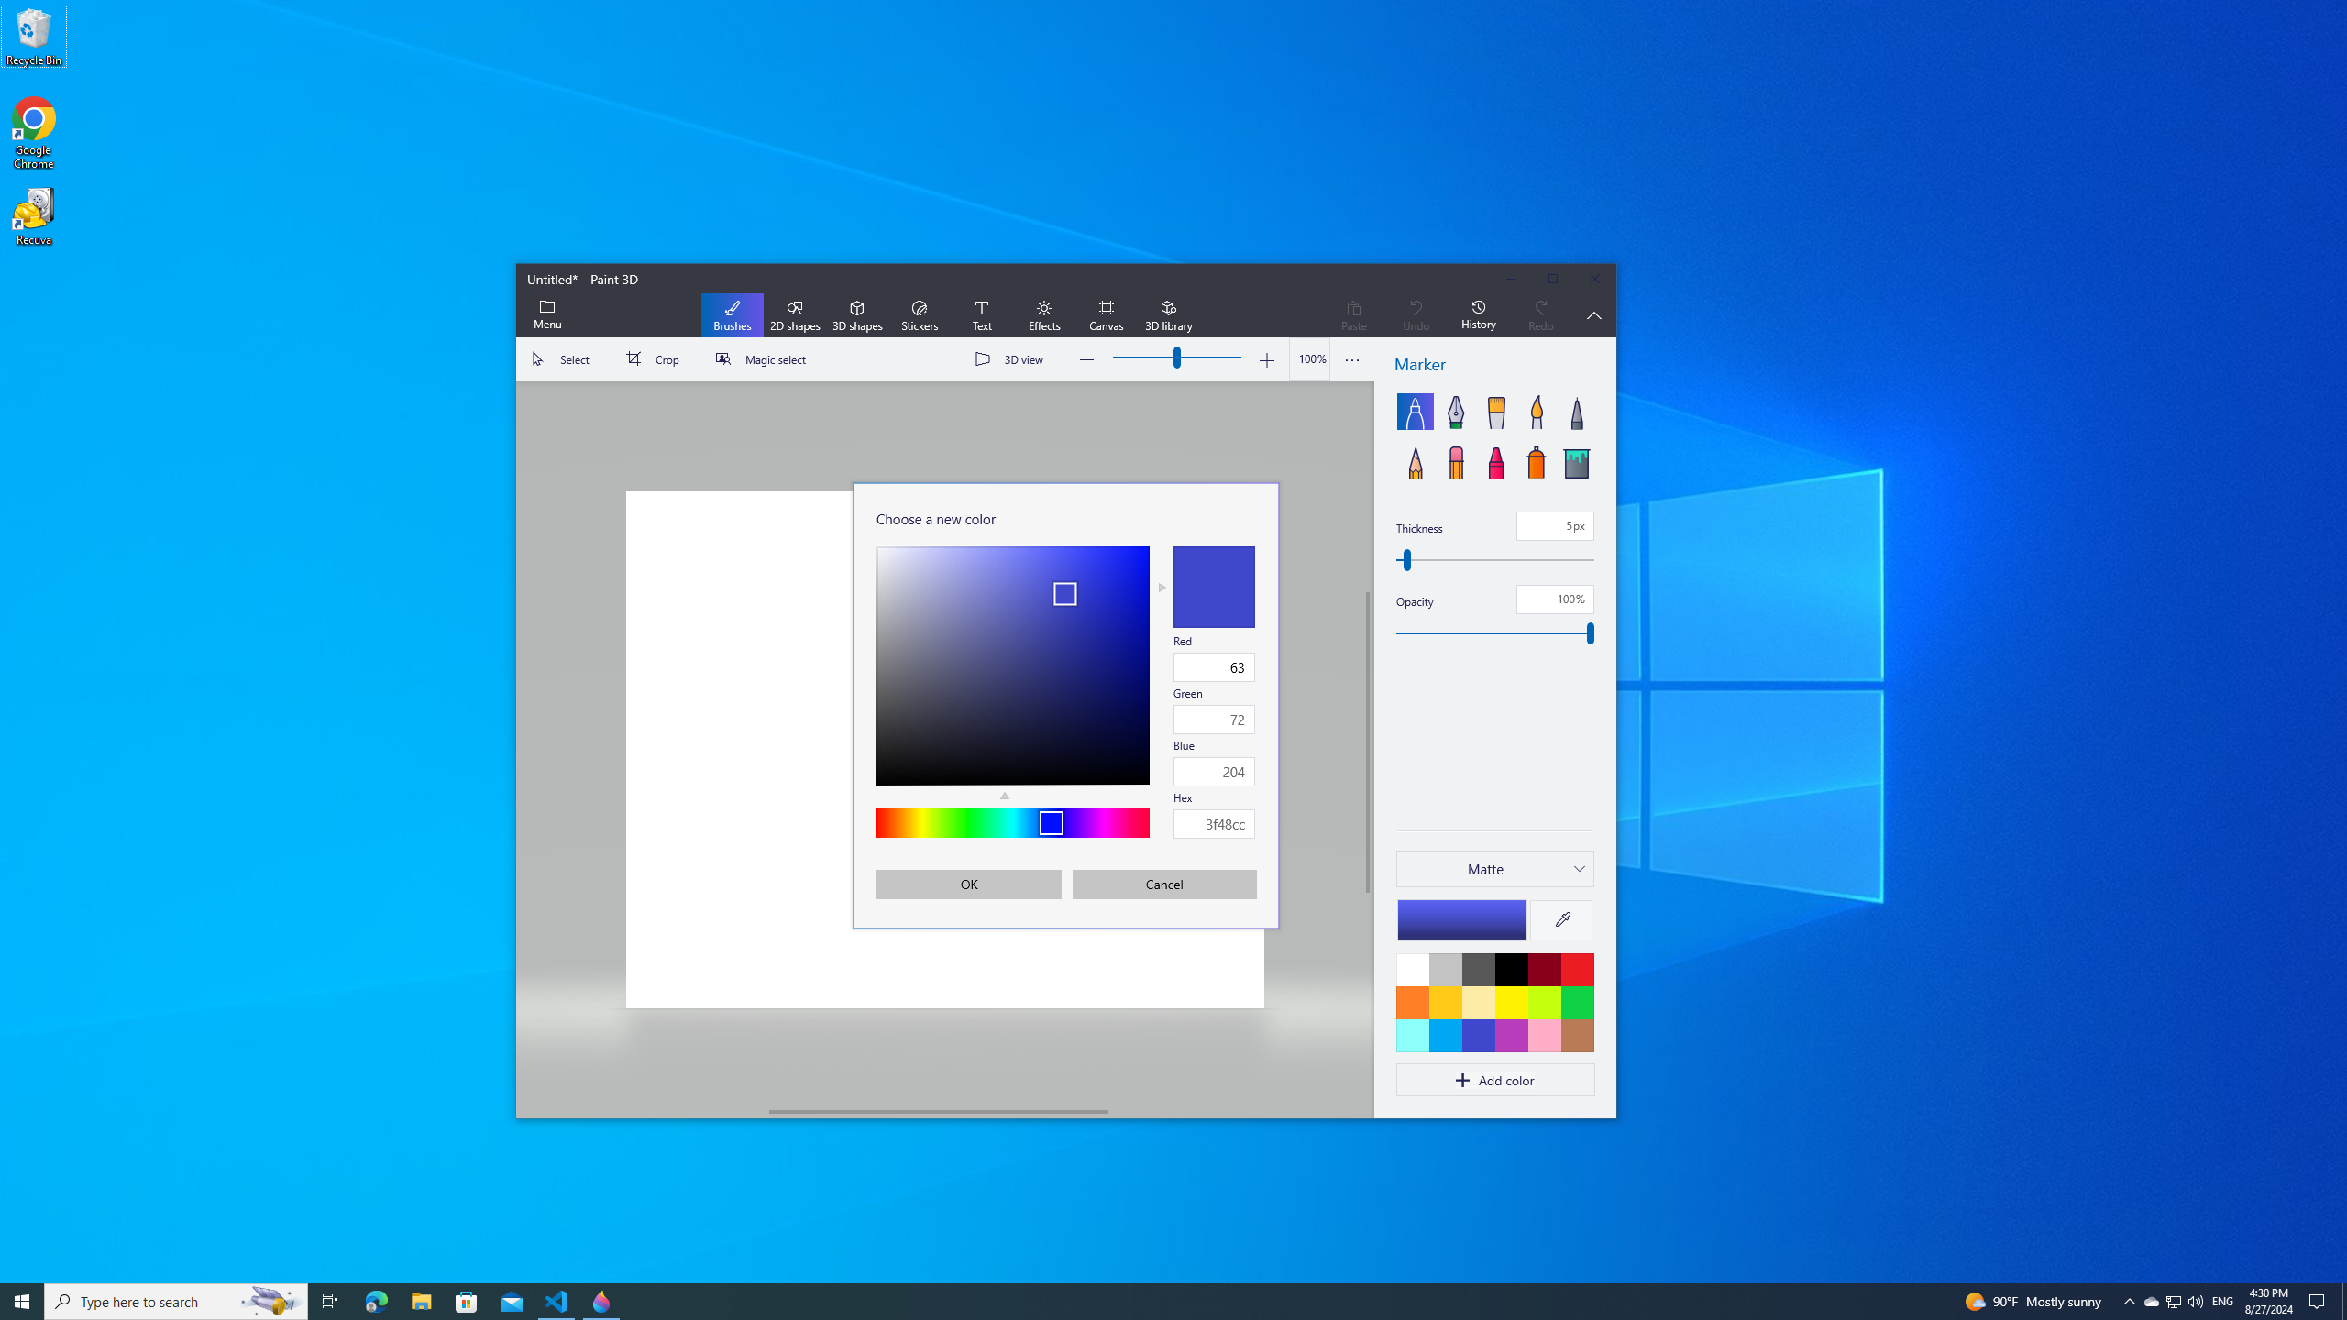 This screenshot has height=1320, width=2347. What do you see at coordinates (2222, 1300) in the screenshot?
I see `'Tray Input Indicator - English (United States)'` at bounding box center [2222, 1300].